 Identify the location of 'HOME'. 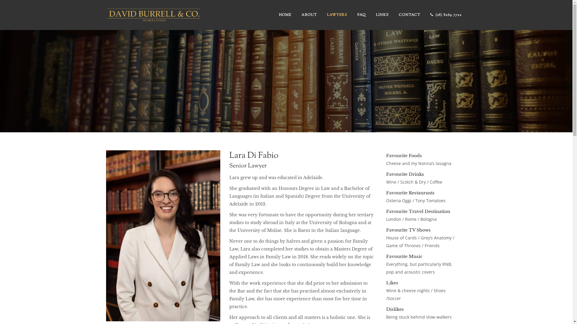
(284, 15).